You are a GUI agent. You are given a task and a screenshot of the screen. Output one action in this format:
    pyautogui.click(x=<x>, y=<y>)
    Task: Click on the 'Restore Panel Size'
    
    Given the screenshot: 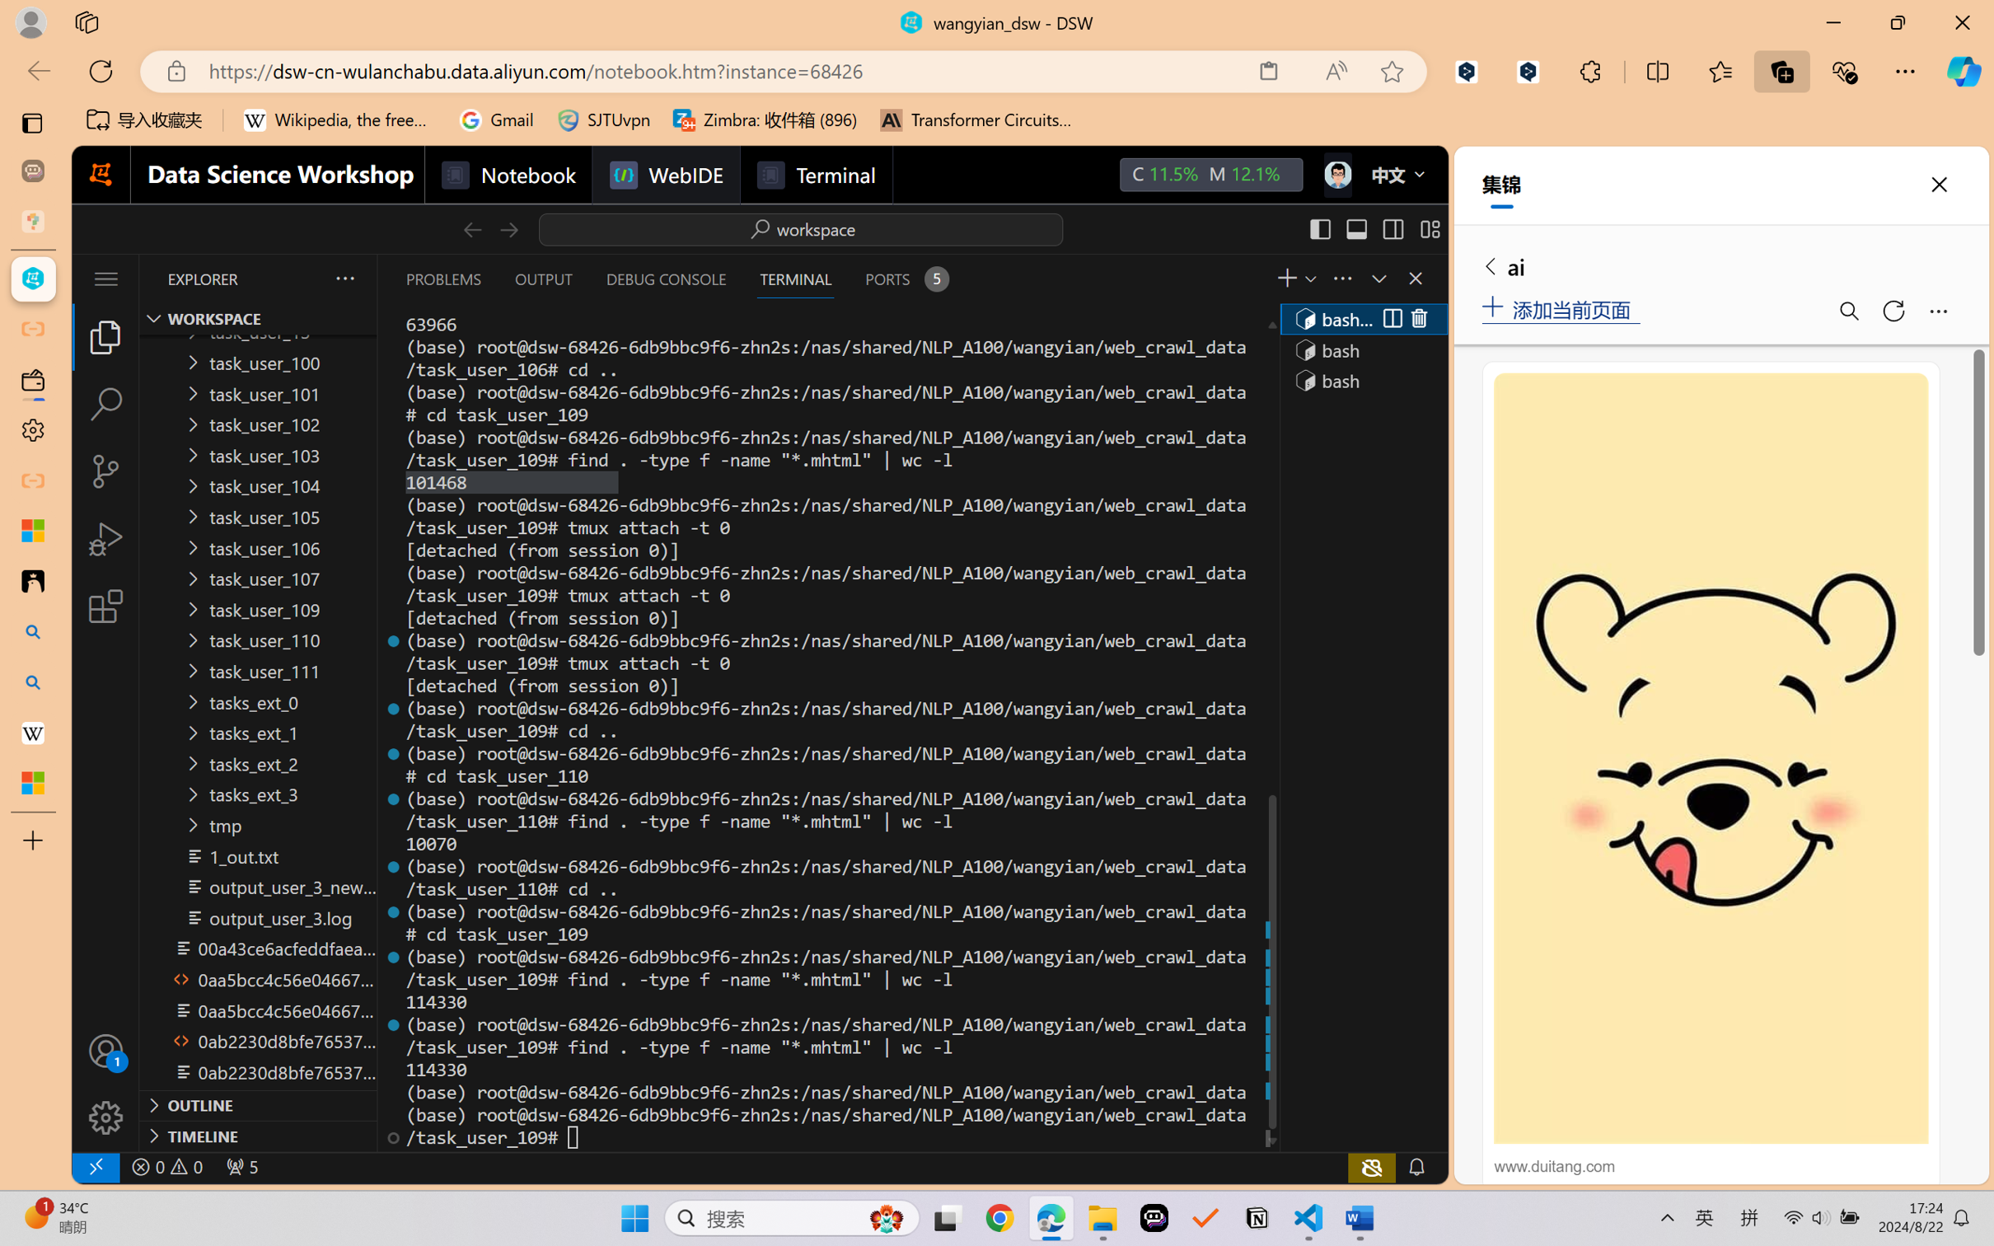 What is the action you would take?
    pyautogui.click(x=1376, y=278)
    